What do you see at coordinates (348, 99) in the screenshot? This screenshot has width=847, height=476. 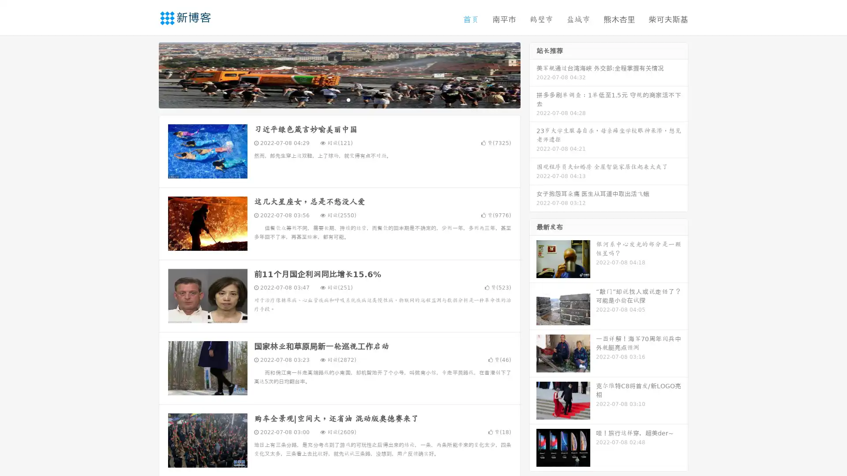 I see `Go to slide 3` at bounding box center [348, 99].